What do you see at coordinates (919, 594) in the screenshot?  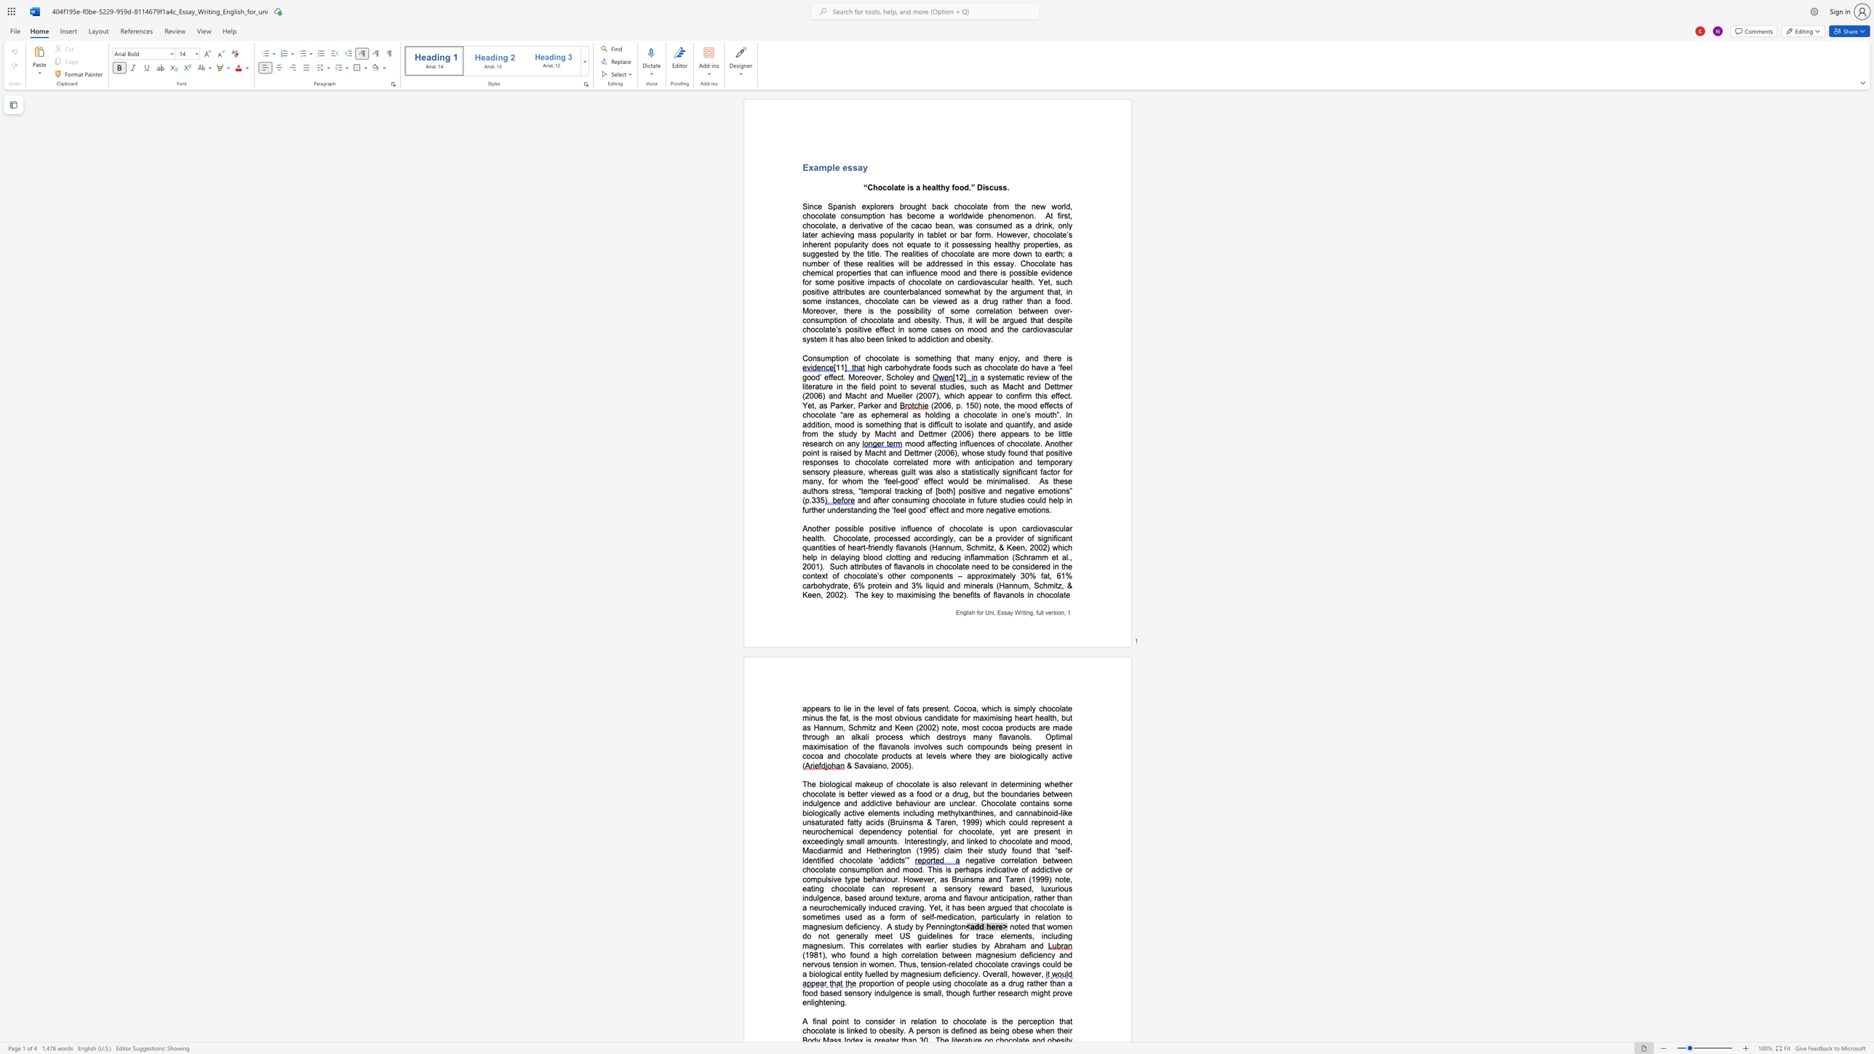 I see `the subset text "ising the benefits of flavanols in cho" within the text "The key to maximising the benefits of flavanols in chocolate"` at bounding box center [919, 594].